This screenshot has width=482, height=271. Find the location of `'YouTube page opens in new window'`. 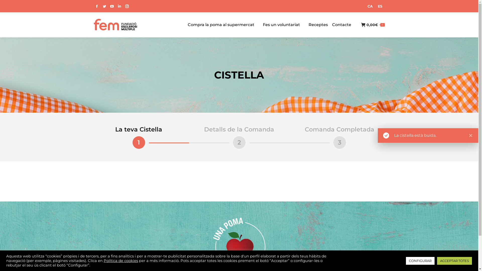

'YouTube page opens in new window' is located at coordinates (108, 6).